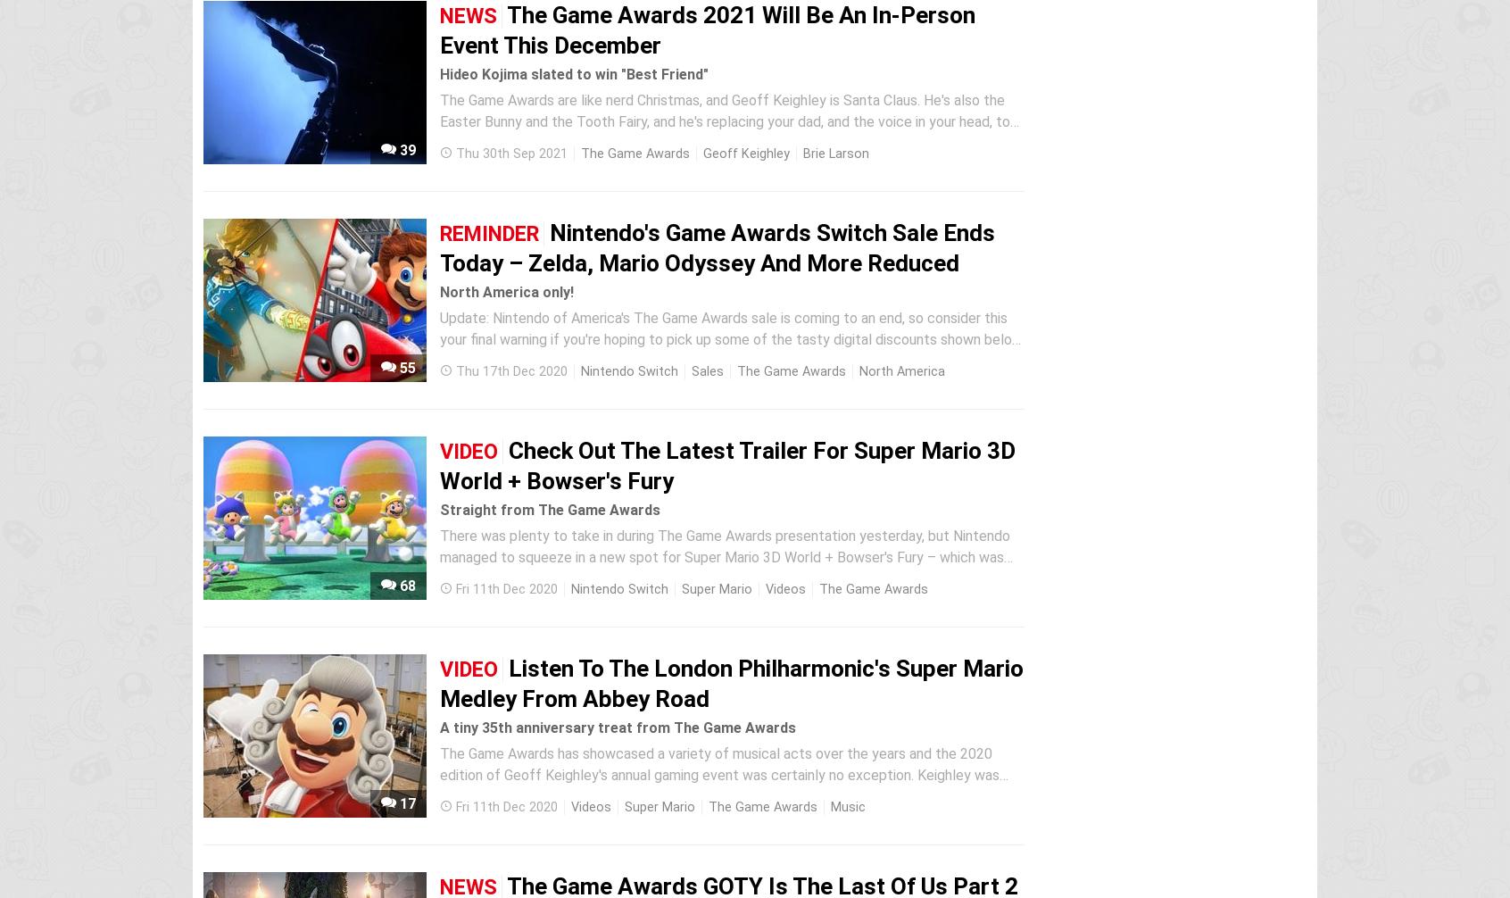 This screenshot has width=1510, height=898. I want to click on 'Music', so click(830, 806).